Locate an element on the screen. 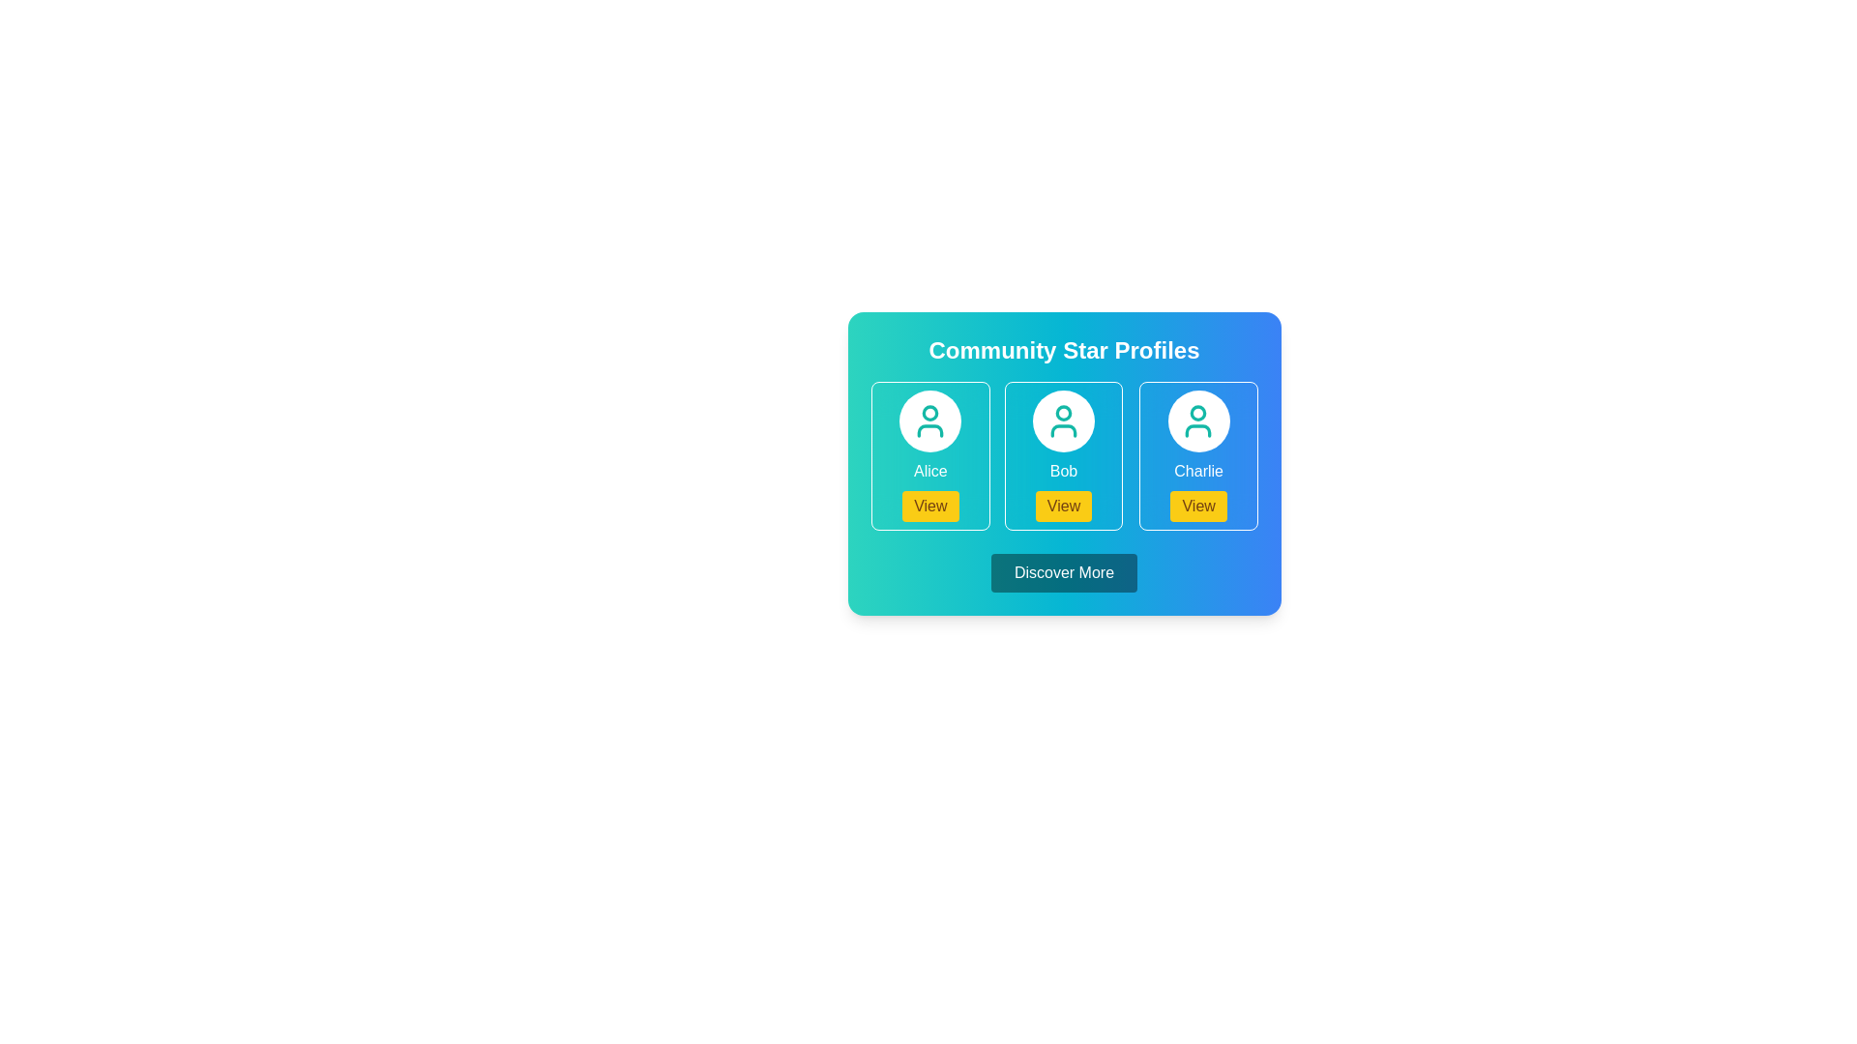 This screenshot has width=1857, height=1044. the lower segment of the SVG graphic representing the body of the user in the 'Charlie' profile, located in the 'Community Star Profiles' section is located at coordinates (1197, 430).